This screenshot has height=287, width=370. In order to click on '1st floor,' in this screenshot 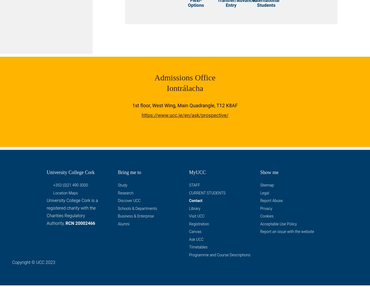, I will do `click(142, 106)`.